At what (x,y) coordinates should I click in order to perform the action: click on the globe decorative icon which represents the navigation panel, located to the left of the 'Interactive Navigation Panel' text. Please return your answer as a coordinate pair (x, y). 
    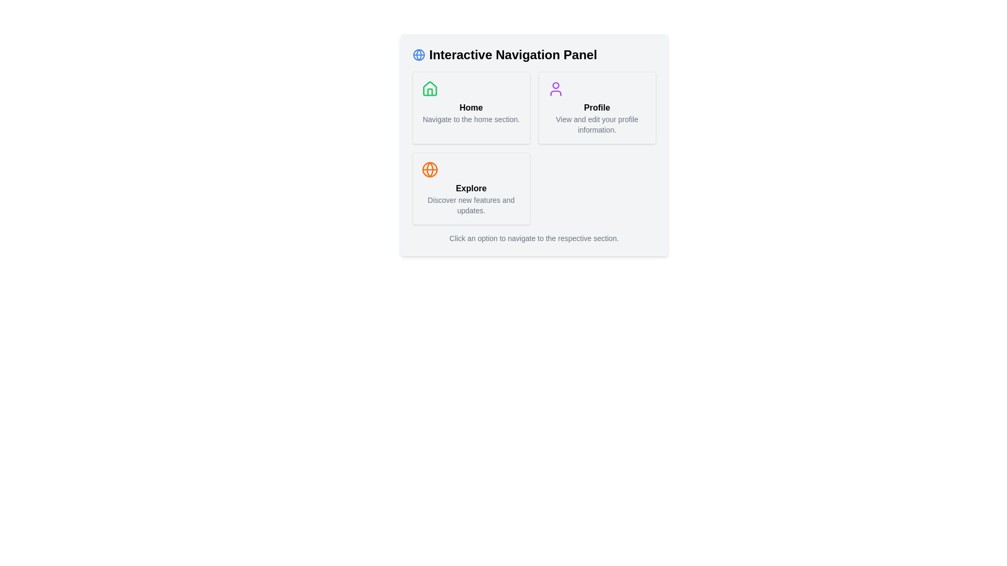
    Looking at the image, I should click on (418, 55).